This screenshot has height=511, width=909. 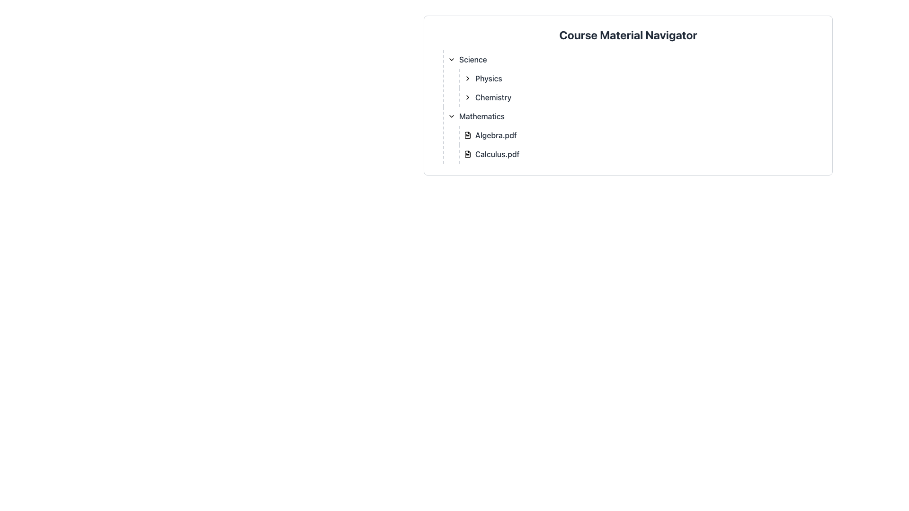 I want to click on the Chevron icon (navigation toggle), so click(x=468, y=78).